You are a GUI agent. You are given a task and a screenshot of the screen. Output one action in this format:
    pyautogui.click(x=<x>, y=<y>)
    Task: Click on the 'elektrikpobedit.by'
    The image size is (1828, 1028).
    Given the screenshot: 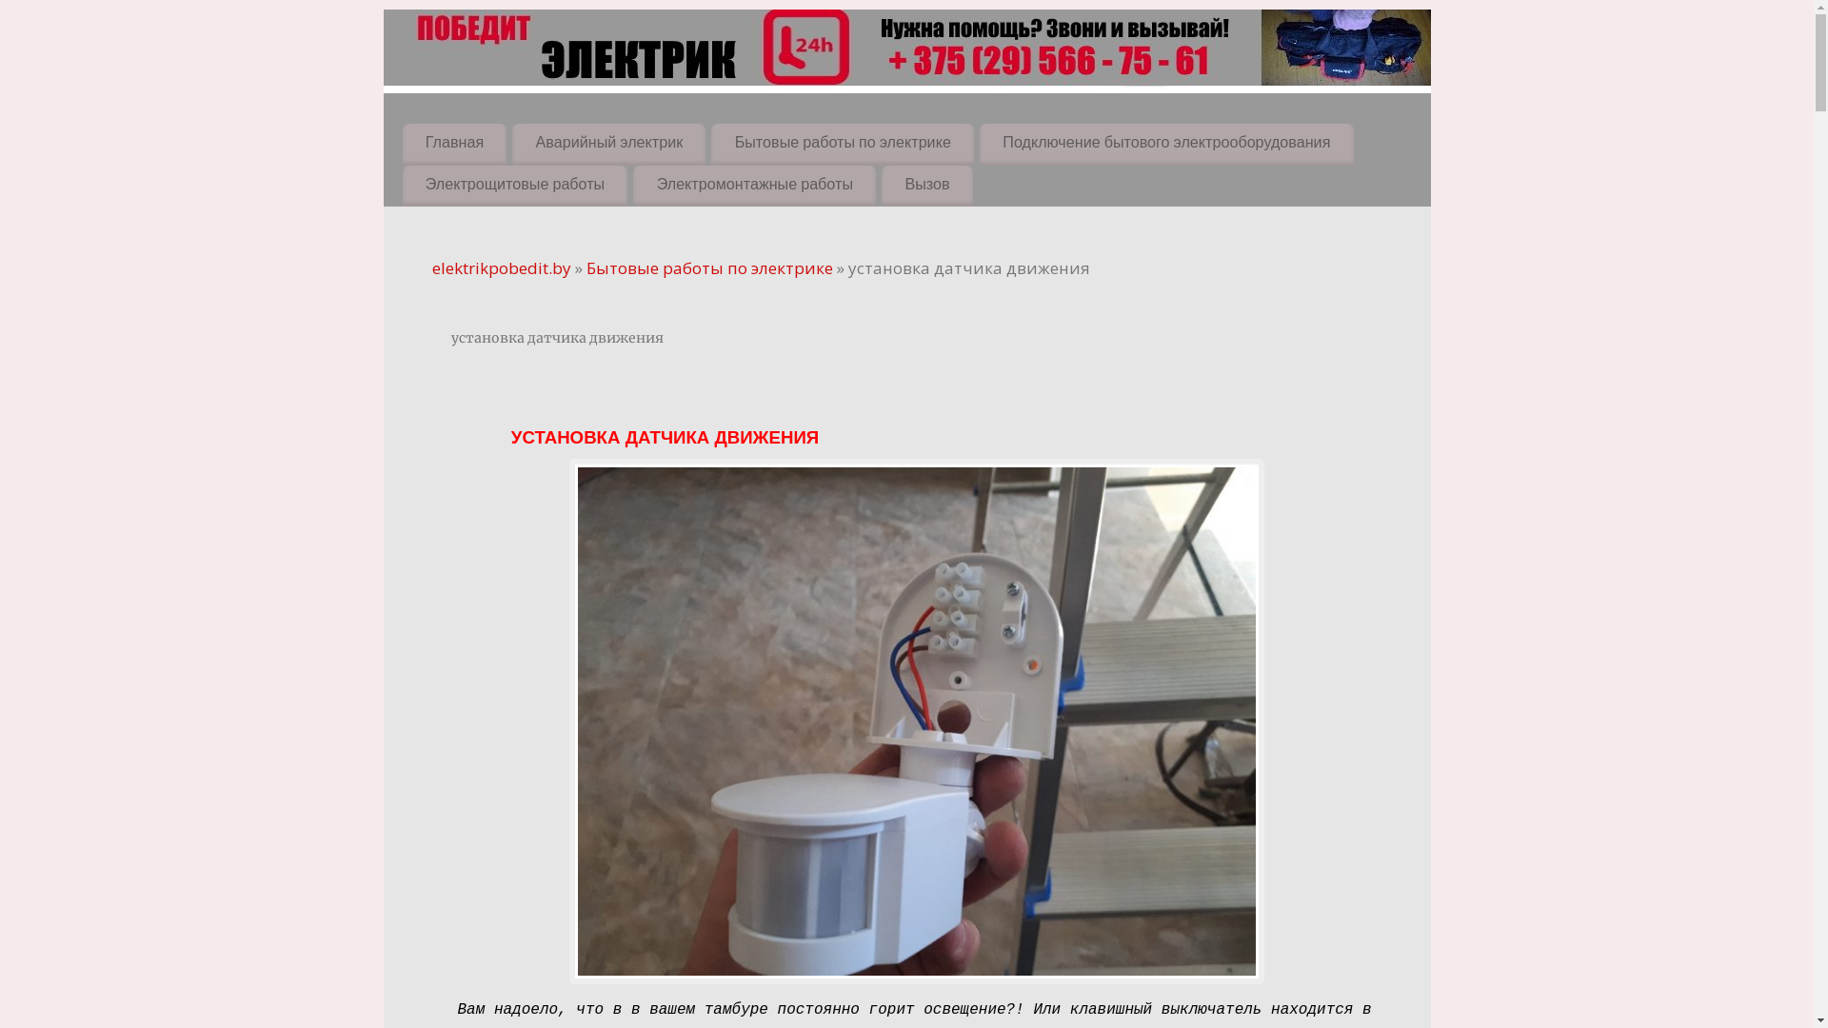 What is the action you would take?
    pyautogui.click(x=502, y=267)
    